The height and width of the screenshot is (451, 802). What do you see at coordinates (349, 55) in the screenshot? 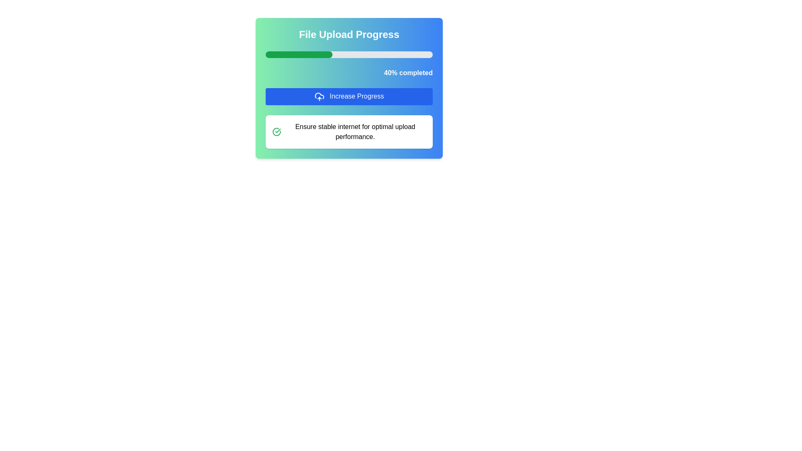
I see `the progress visually by focusing on the horizontal progress bar with a light gray background, green section indicating progress, and white section for remaining progress, located below the title 'File Upload Progress'` at bounding box center [349, 55].